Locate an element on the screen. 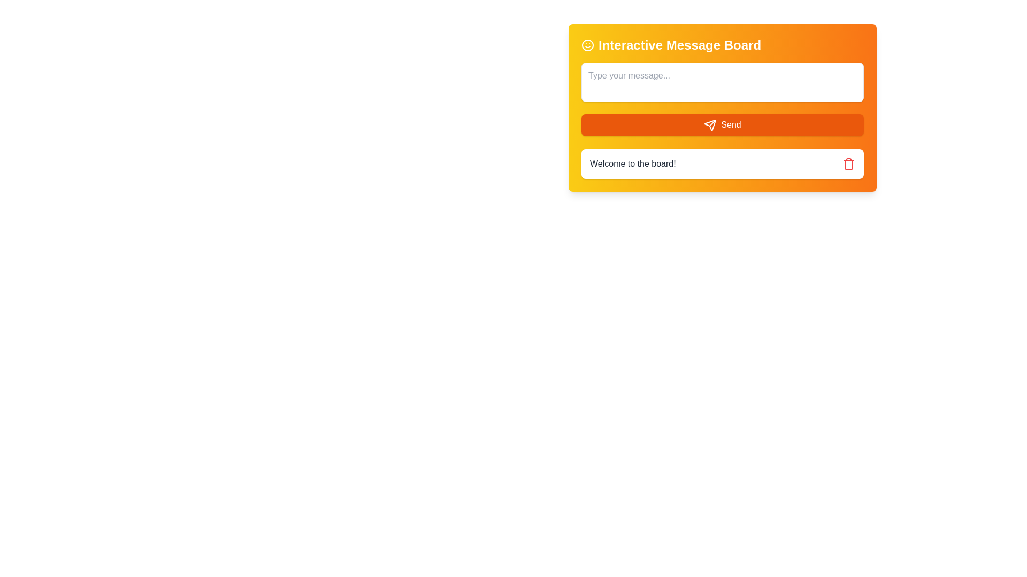 The width and height of the screenshot is (1027, 577). the small airplane-shaped icon on the left side of the 'Send' button is located at coordinates (710, 124).